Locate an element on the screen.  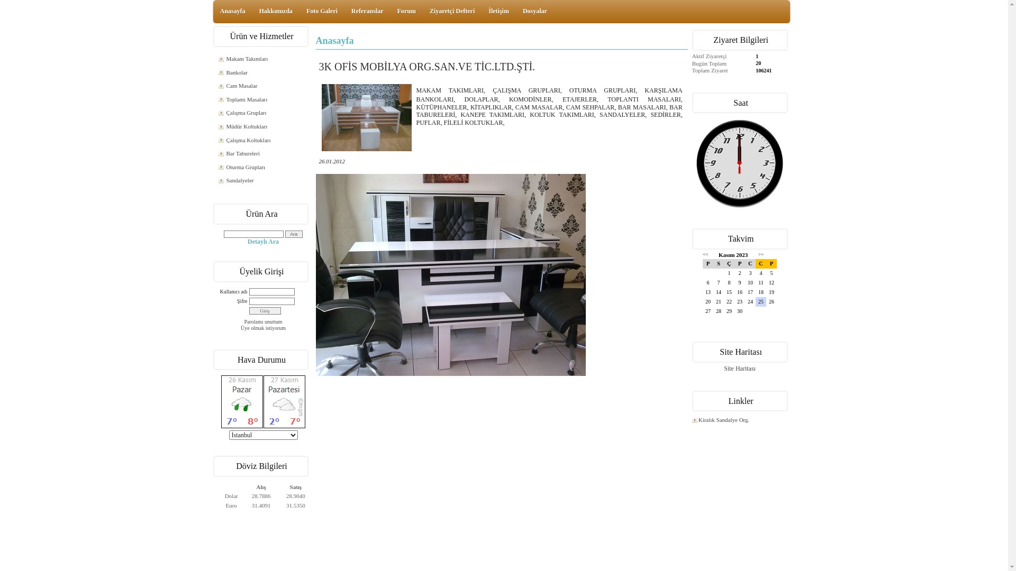
'Sandalyeler' is located at coordinates (263, 180).